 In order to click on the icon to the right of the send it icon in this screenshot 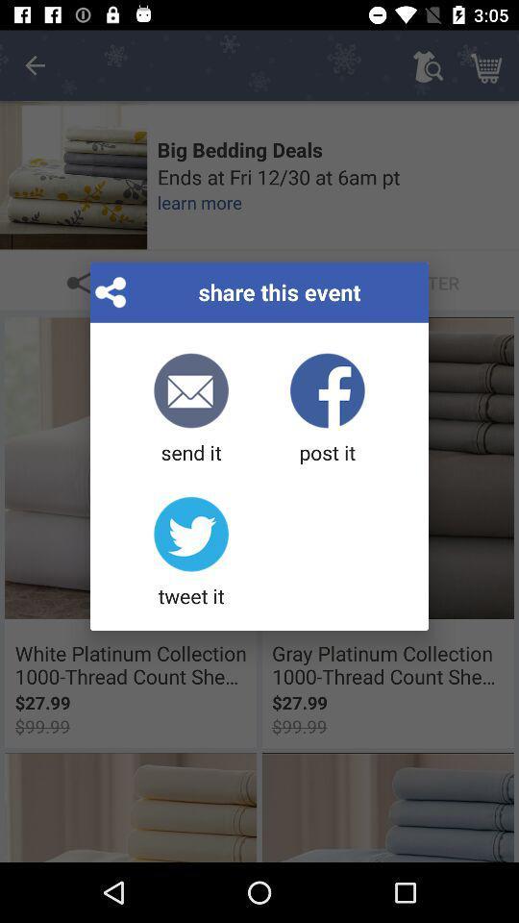, I will do `click(326, 410)`.